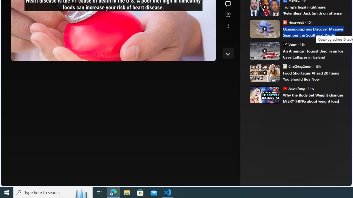  Describe the element at coordinates (228, 15) in the screenshot. I see `'Share this story'` at that location.